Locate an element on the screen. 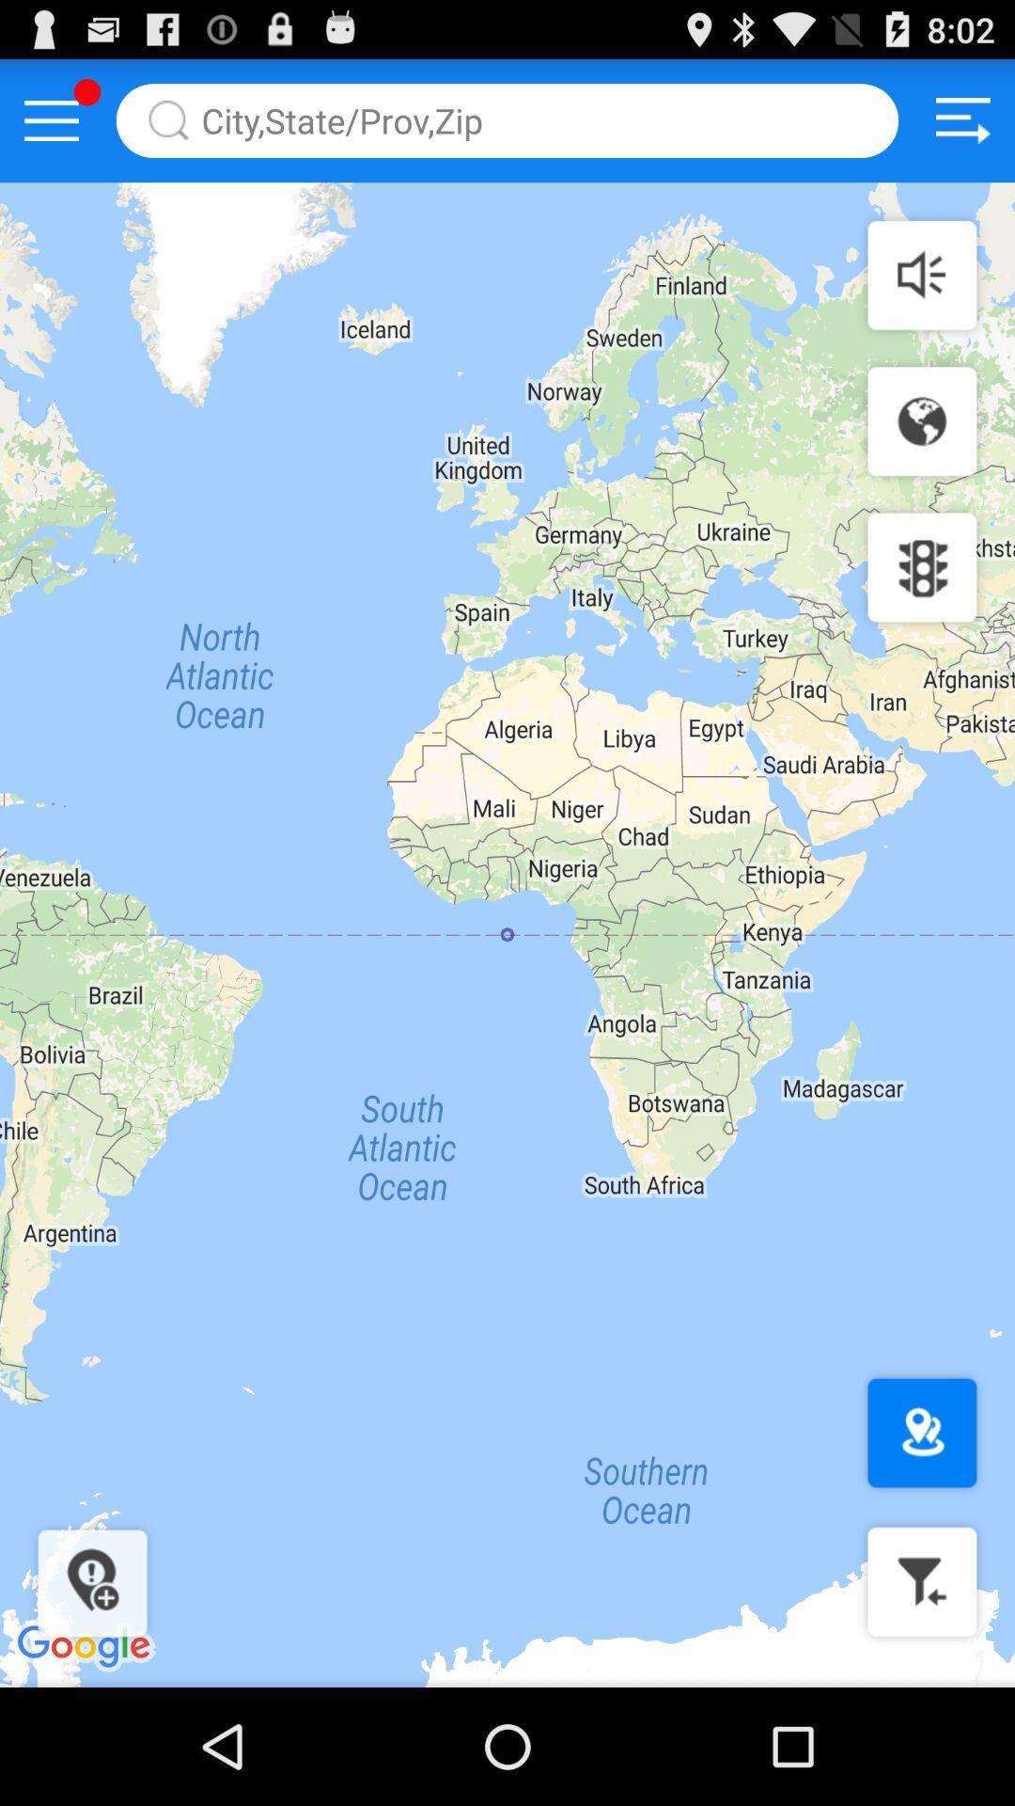  search for location is located at coordinates (507, 119).